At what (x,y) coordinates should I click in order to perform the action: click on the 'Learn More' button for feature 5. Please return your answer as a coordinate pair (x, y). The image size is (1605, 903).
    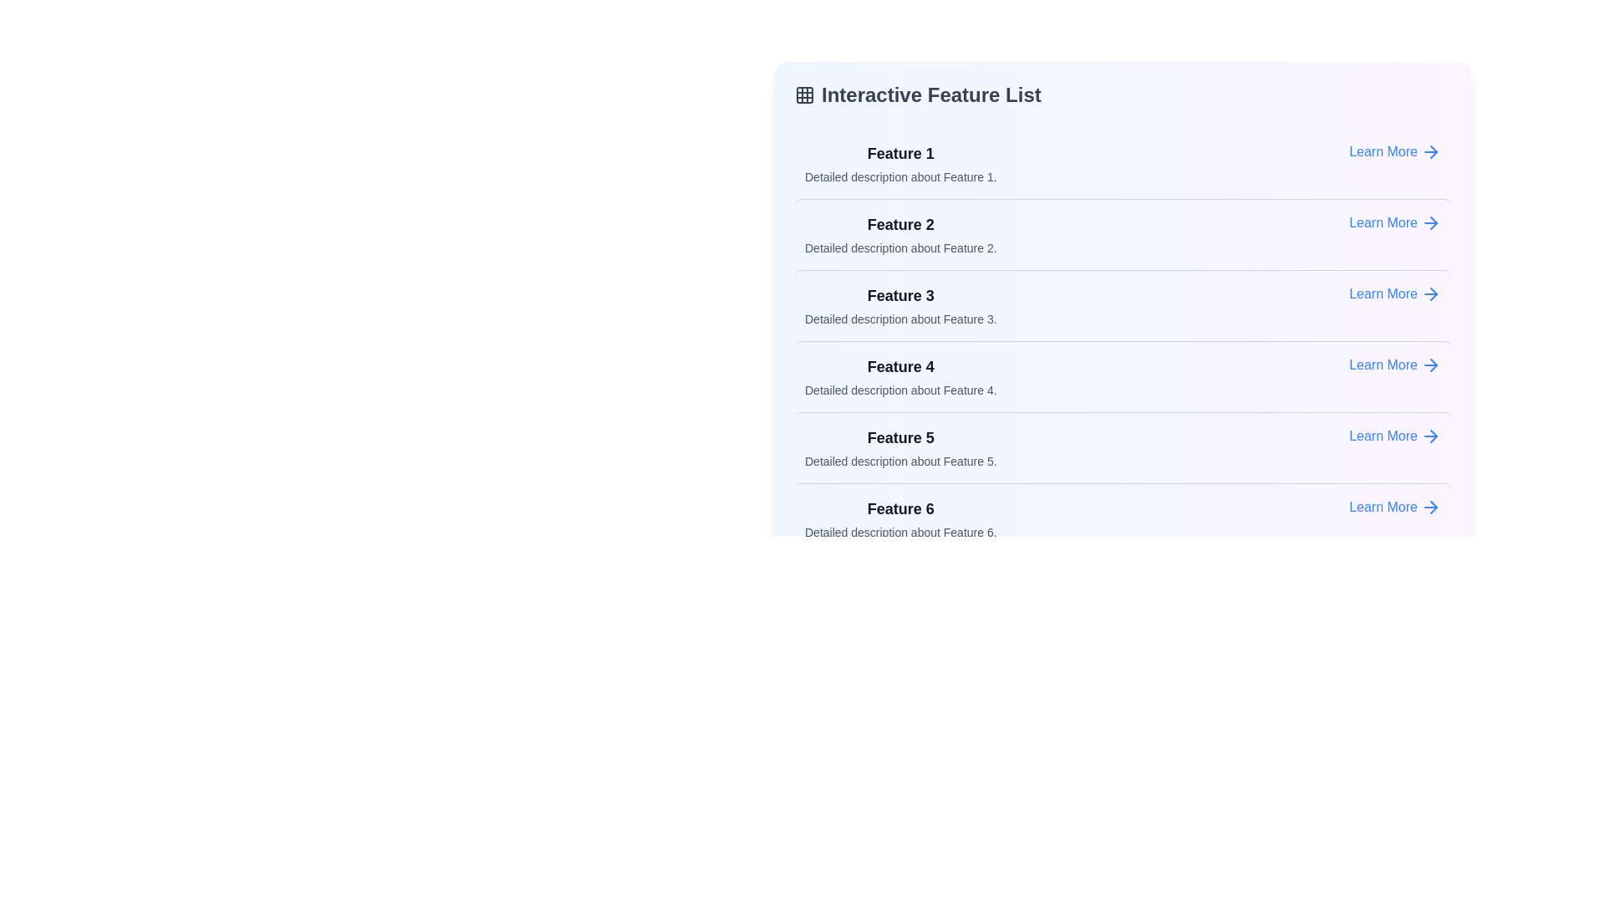
    Looking at the image, I should click on (1395, 435).